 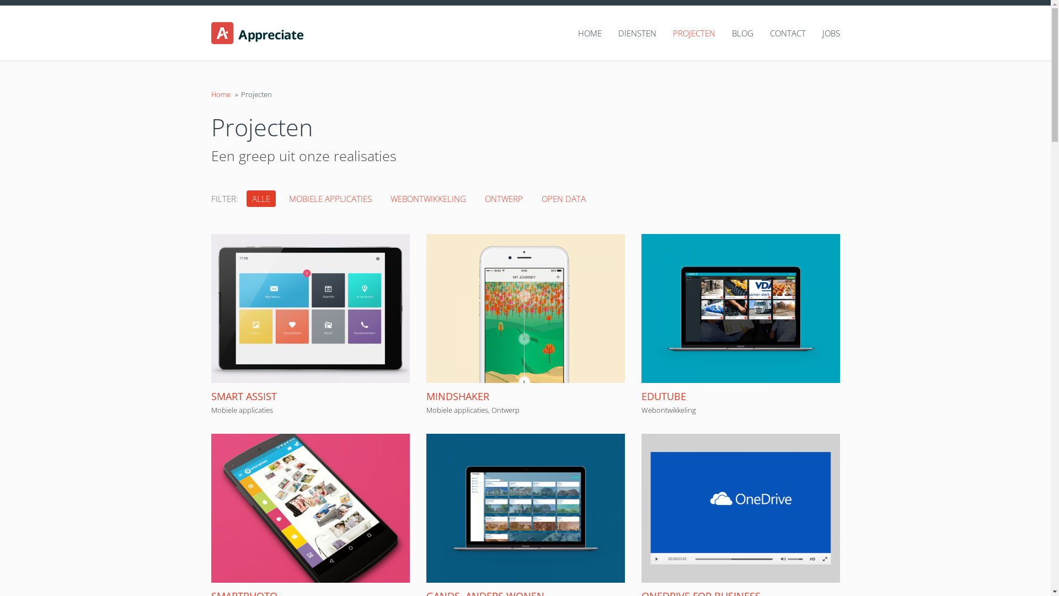 I want to click on 'ONTWERP', so click(x=502, y=198).